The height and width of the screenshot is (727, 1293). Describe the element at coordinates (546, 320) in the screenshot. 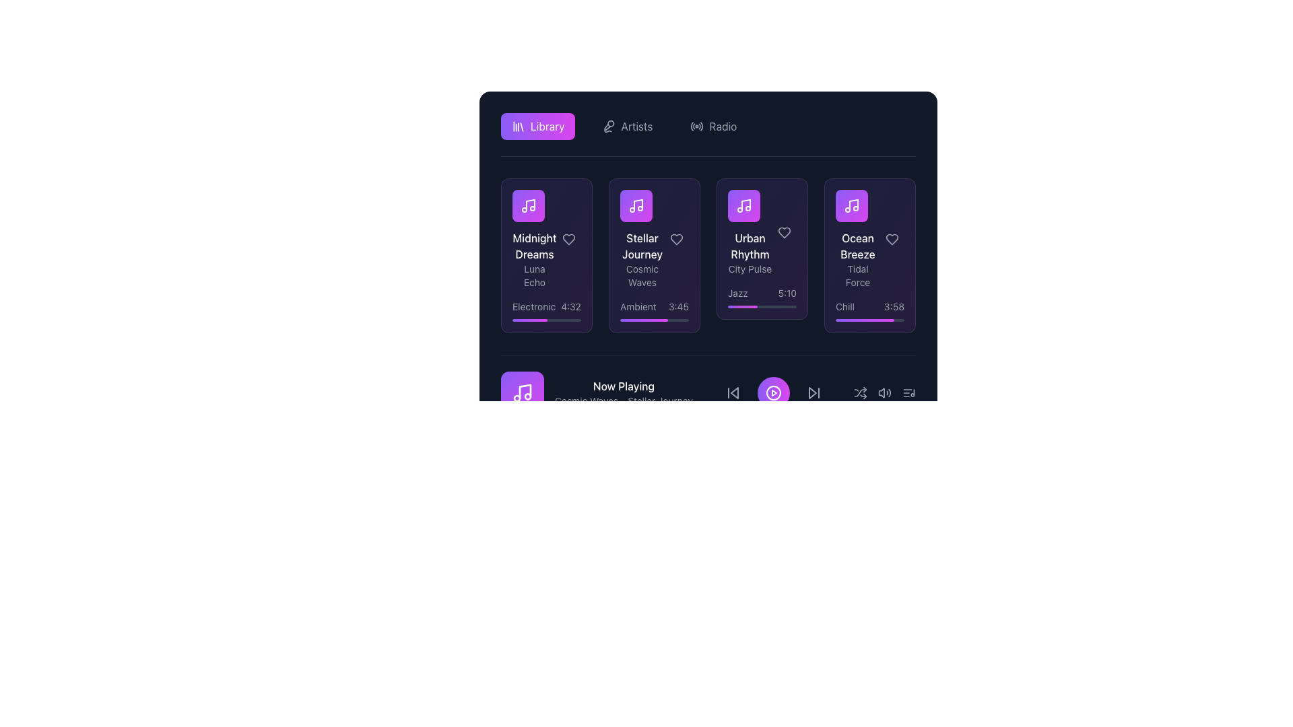

I see `the progress bar styled as a gradient indicator, located directly below the text 'Electronic 4:32'` at that location.